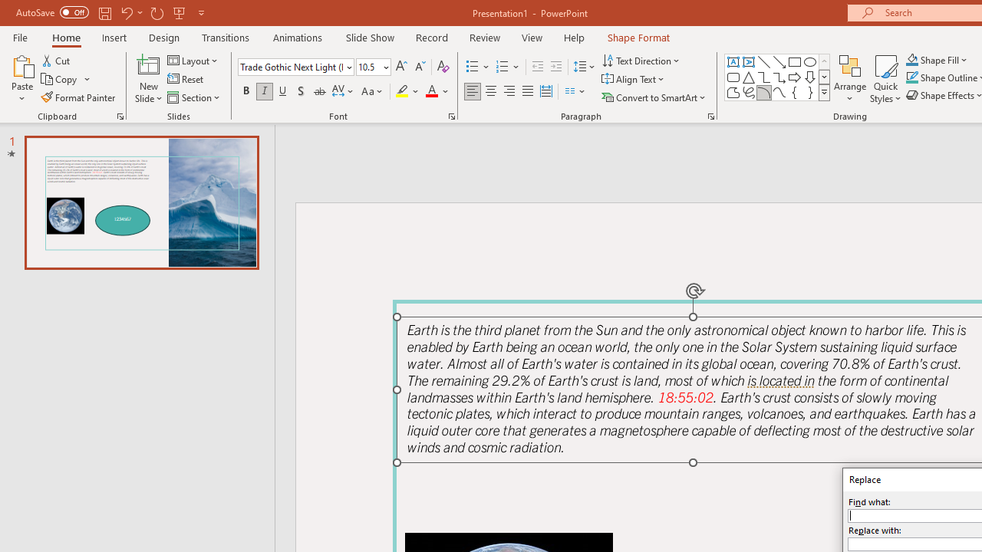 The width and height of the screenshot is (982, 552). What do you see at coordinates (186, 79) in the screenshot?
I see `'Reset'` at bounding box center [186, 79].